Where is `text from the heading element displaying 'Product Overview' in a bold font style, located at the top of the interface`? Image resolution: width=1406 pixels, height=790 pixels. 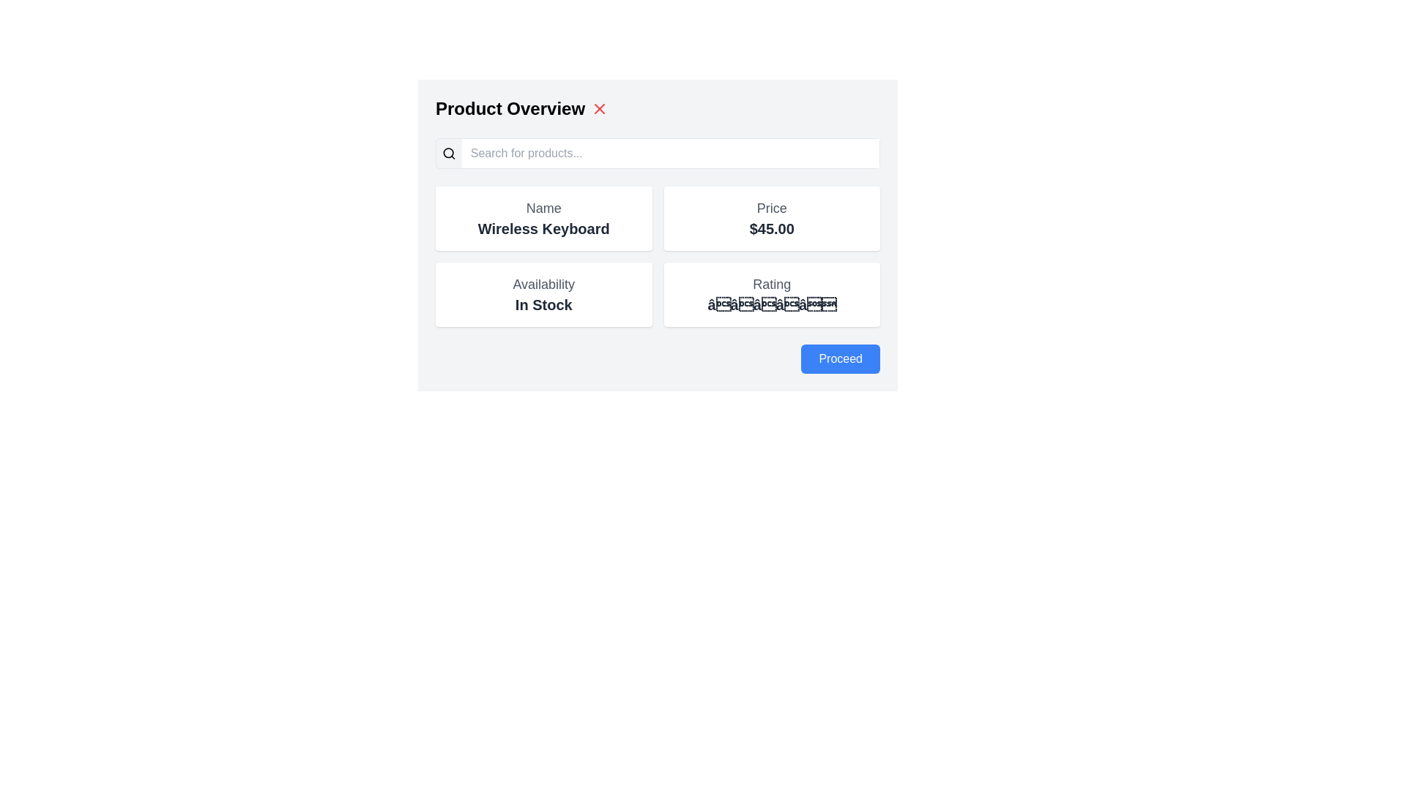 text from the heading element displaying 'Product Overview' in a bold font style, located at the top of the interface is located at coordinates (510, 108).